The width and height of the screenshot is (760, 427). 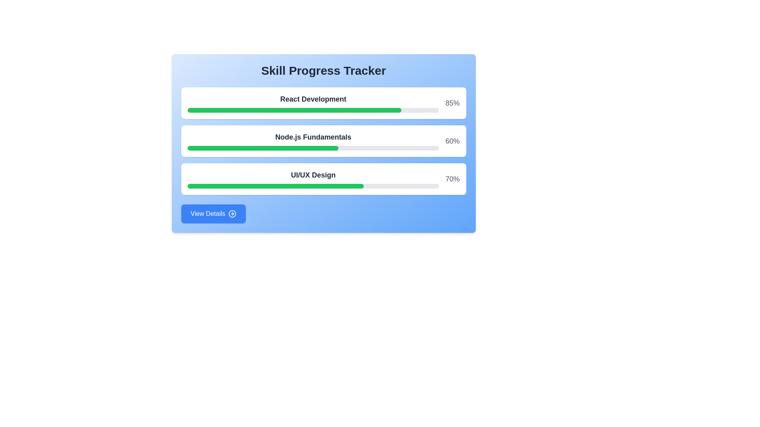 What do you see at coordinates (232, 213) in the screenshot?
I see `the circular graphical component that is part of the 'View Details' button at the bottom-left corner of the card, which is visually minor in size and nested inside an arrow-circle icon` at bounding box center [232, 213].